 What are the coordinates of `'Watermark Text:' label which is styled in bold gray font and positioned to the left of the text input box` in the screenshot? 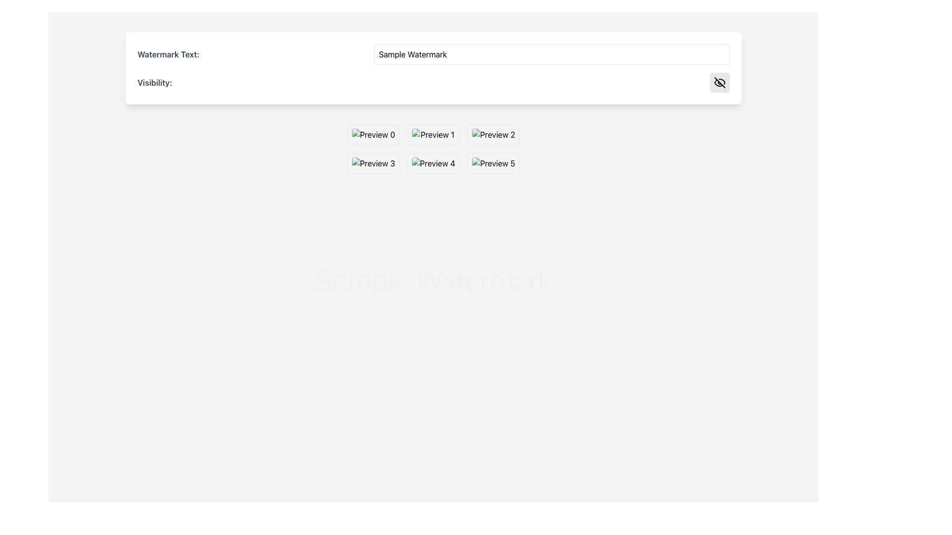 It's located at (168, 54).